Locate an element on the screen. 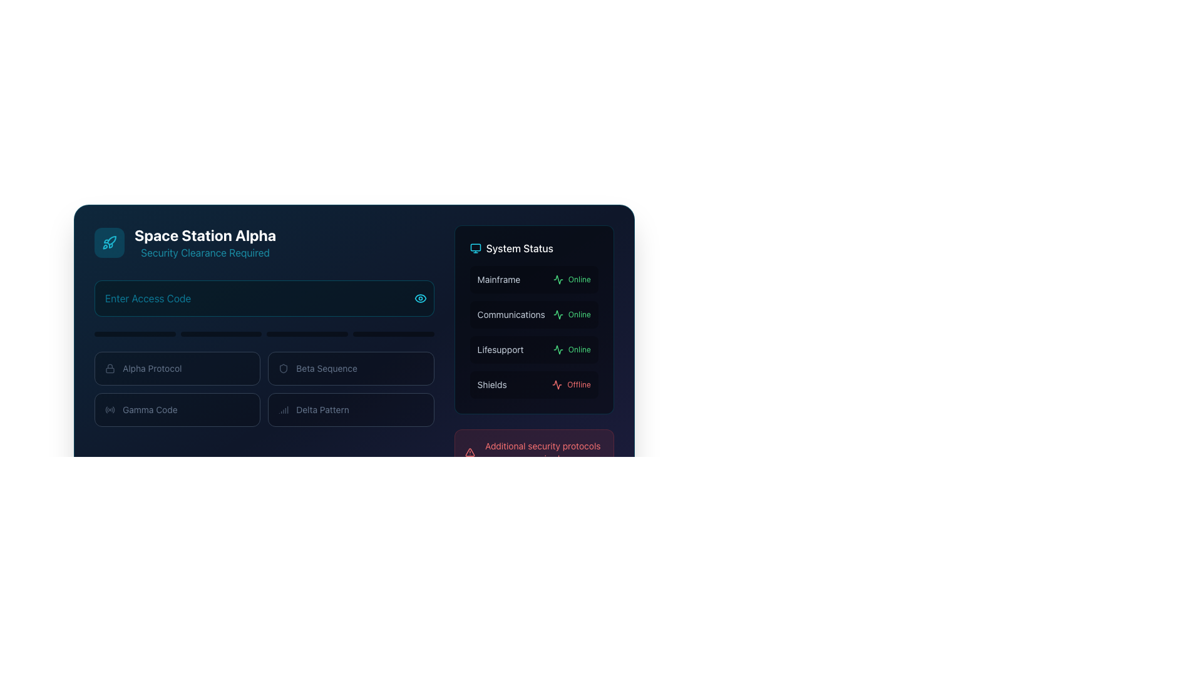  the 'Communications' status text label, which indicates whether the communications component is operational or active, located next to the heartbeat icon is located at coordinates (571, 314).